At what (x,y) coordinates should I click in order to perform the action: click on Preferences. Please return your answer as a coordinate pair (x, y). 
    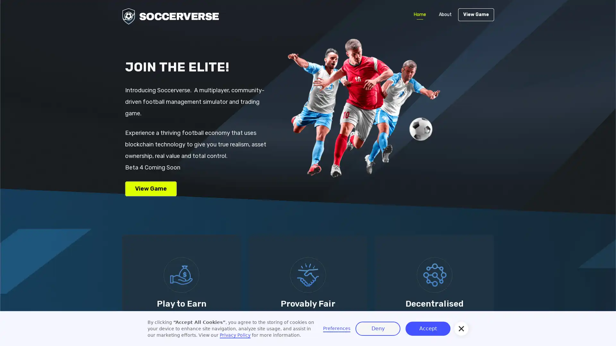
    Looking at the image, I should click on (336, 329).